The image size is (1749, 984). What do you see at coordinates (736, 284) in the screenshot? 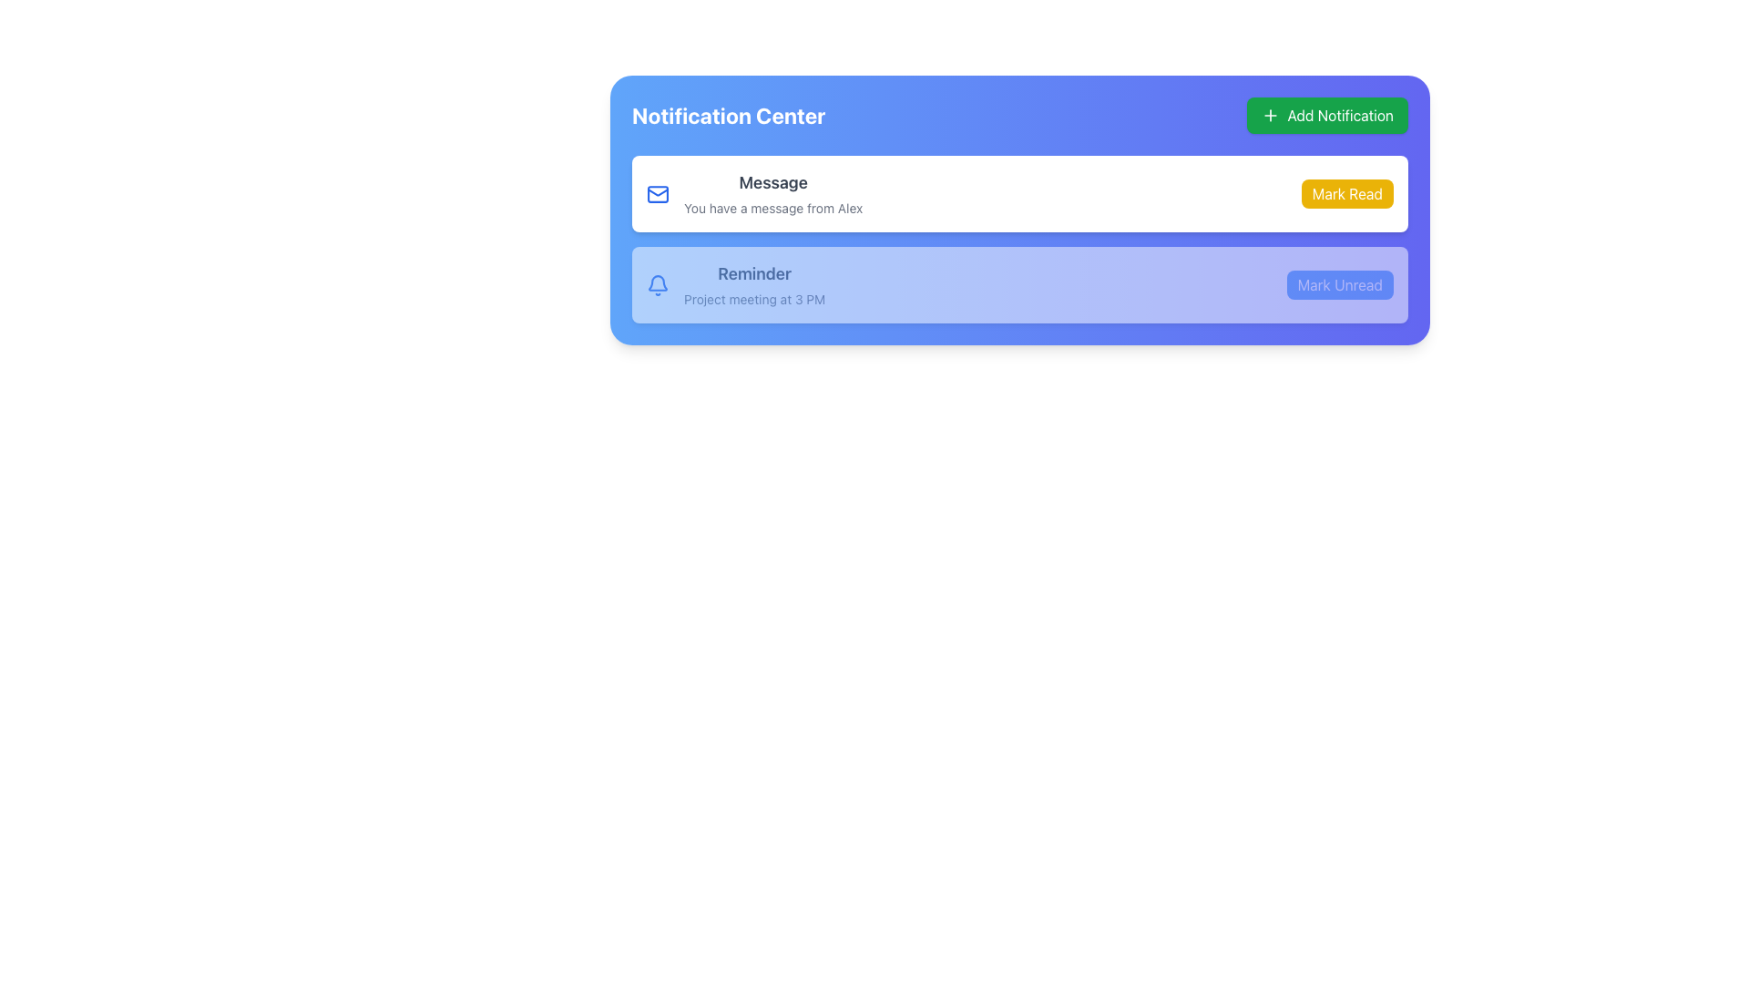
I see `the Notification Item that displays 'Reminder' in bold and 'Project meeting at 3 PM' in gray, located in the second row of the notification group` at bounding box center [736, 284].